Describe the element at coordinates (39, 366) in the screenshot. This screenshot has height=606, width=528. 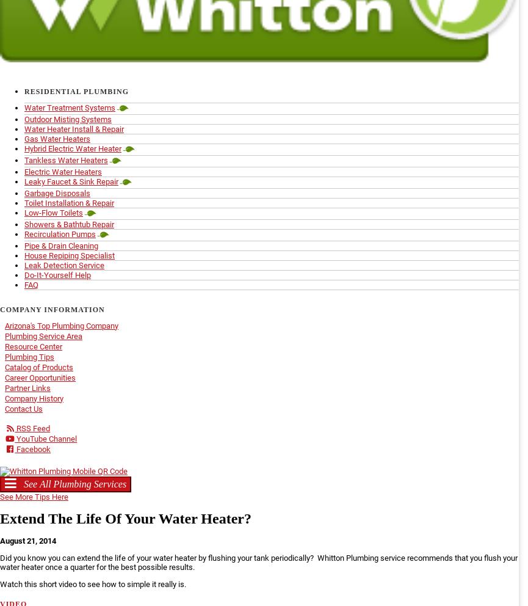
I see `'Catalog of Products'` at that location.